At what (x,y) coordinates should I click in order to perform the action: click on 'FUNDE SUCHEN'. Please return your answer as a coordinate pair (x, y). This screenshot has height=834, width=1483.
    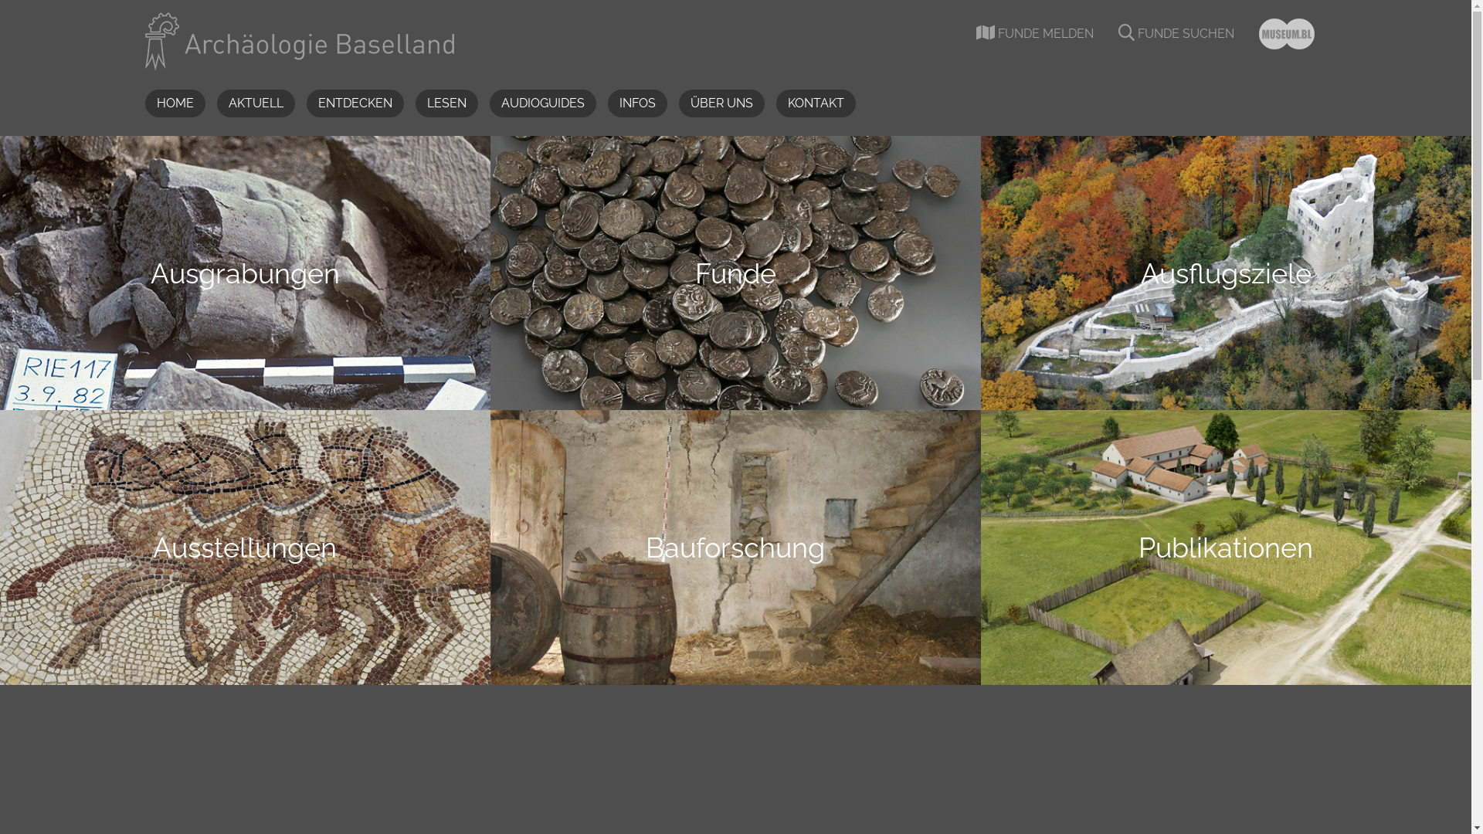
    Looking at the image, I should click on (1175, 33).